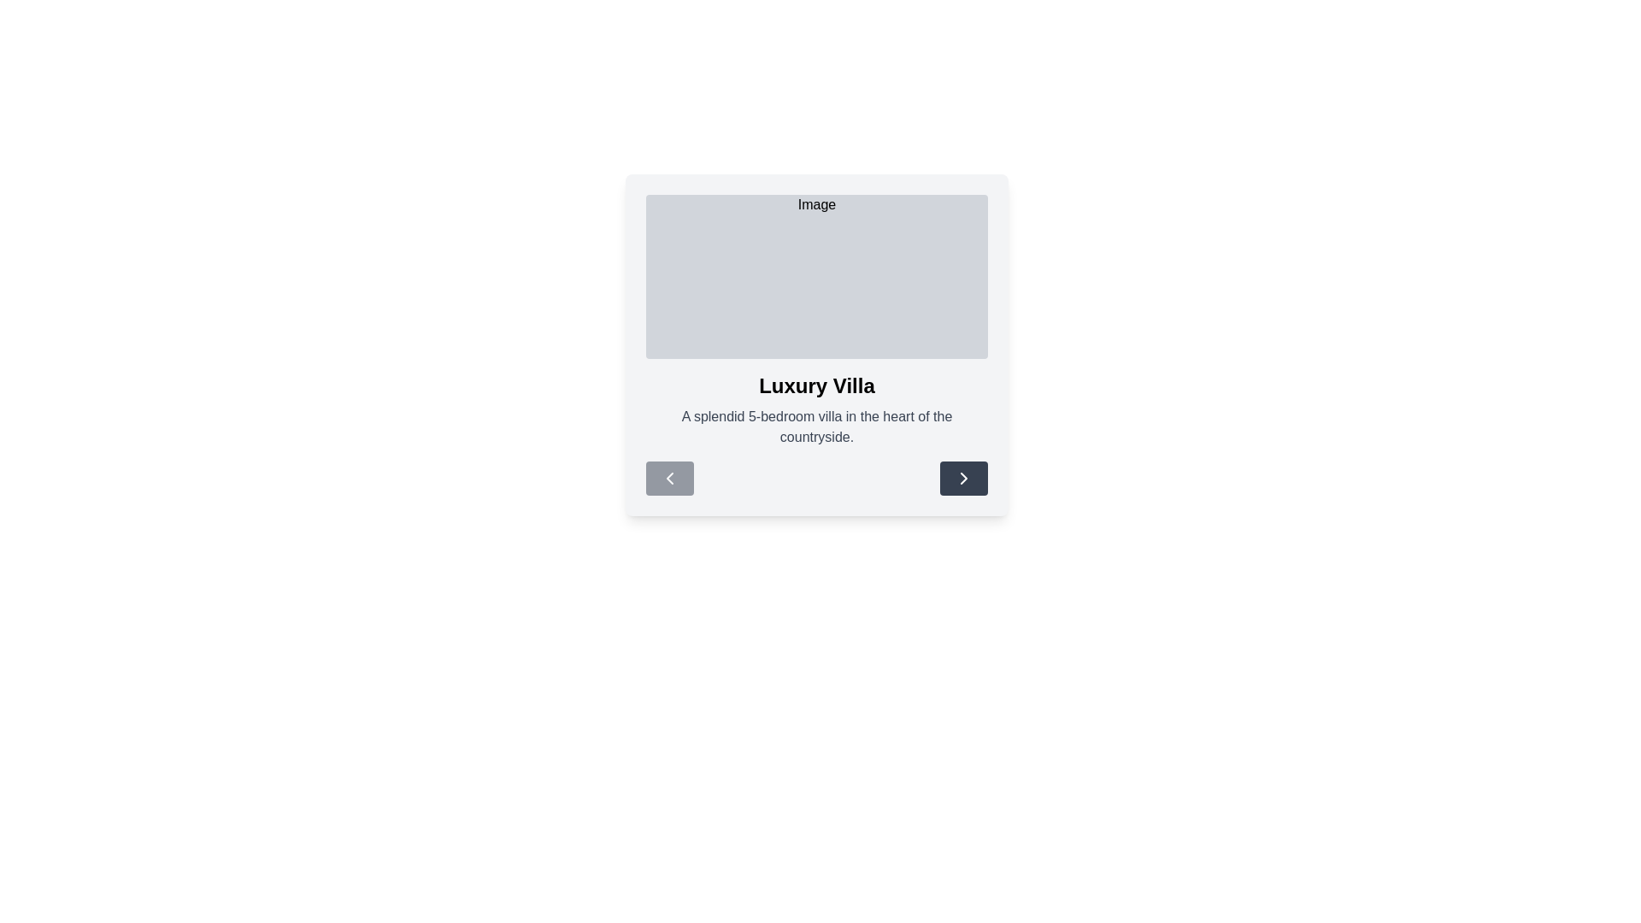 Image resolution: width=1641 pixels, height=923 pixels. Describe the element at coordinates (964, 478) in the screenshot. I see `the navigation button located at the bottom-right of the visible card to proceed to the next item or section` at that location.